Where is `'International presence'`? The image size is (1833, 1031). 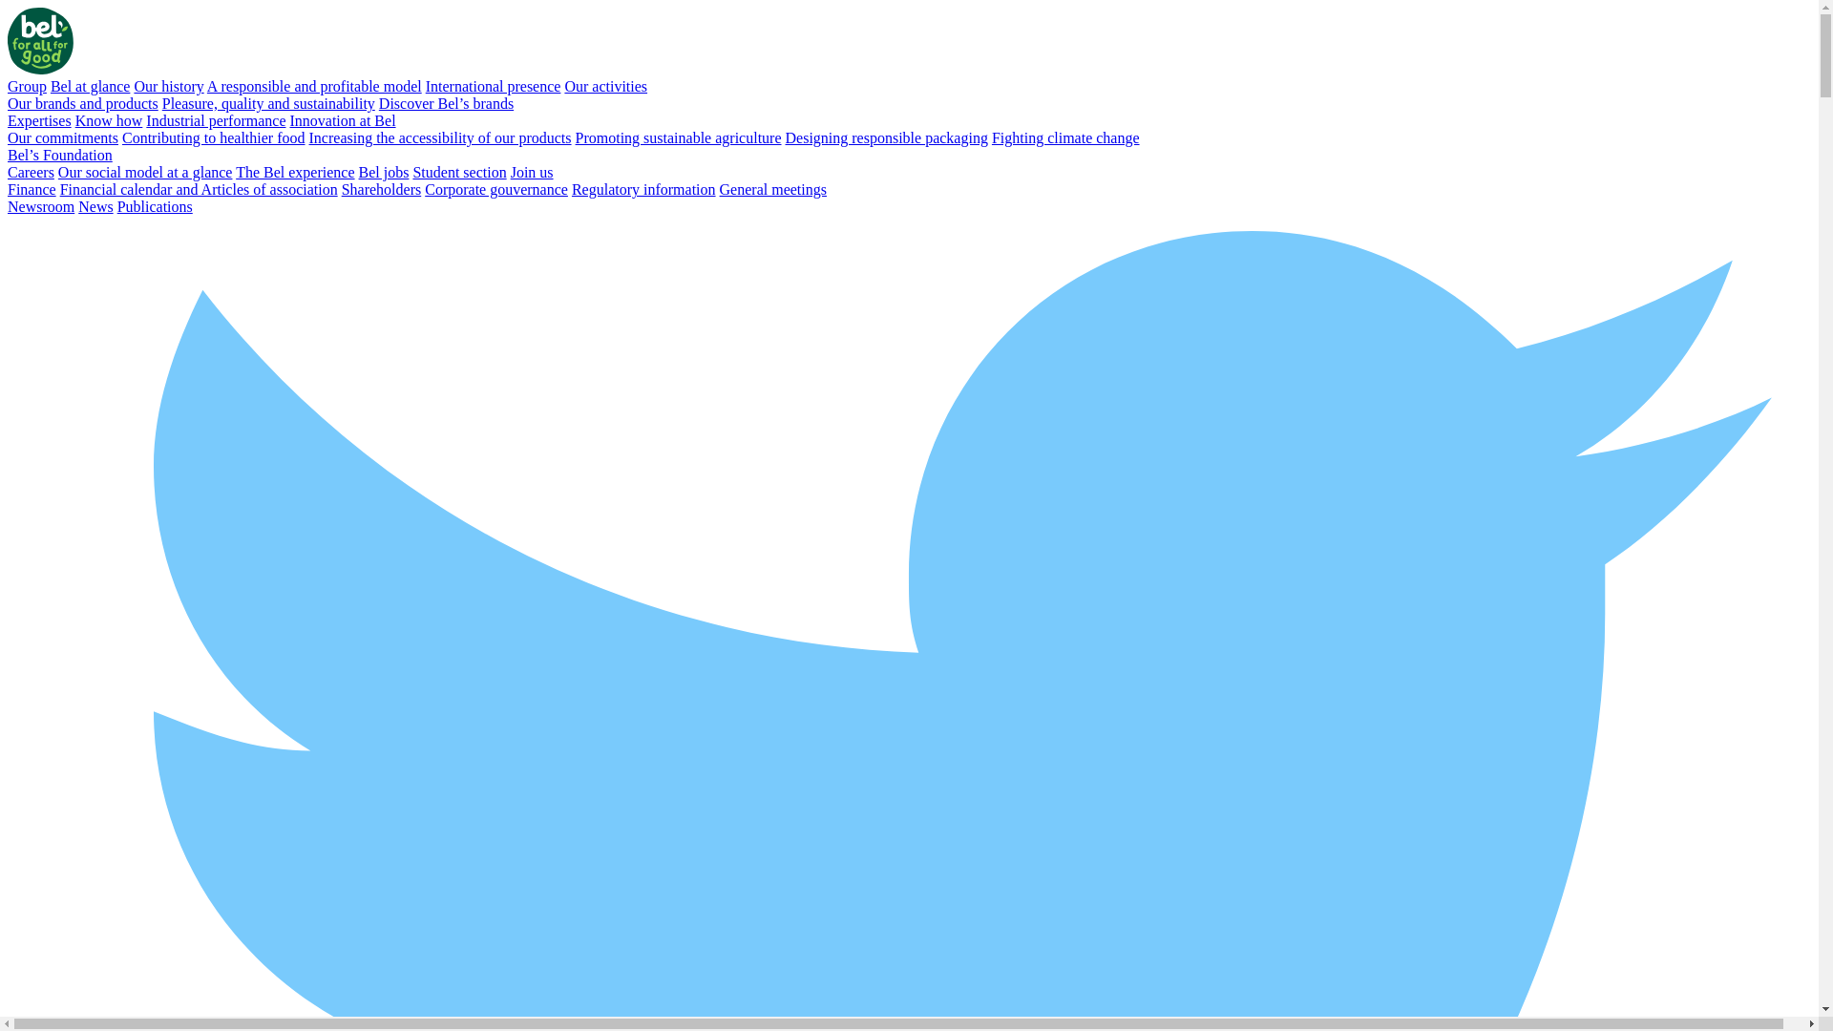 'International presence' is located at coordinates (425, 86).